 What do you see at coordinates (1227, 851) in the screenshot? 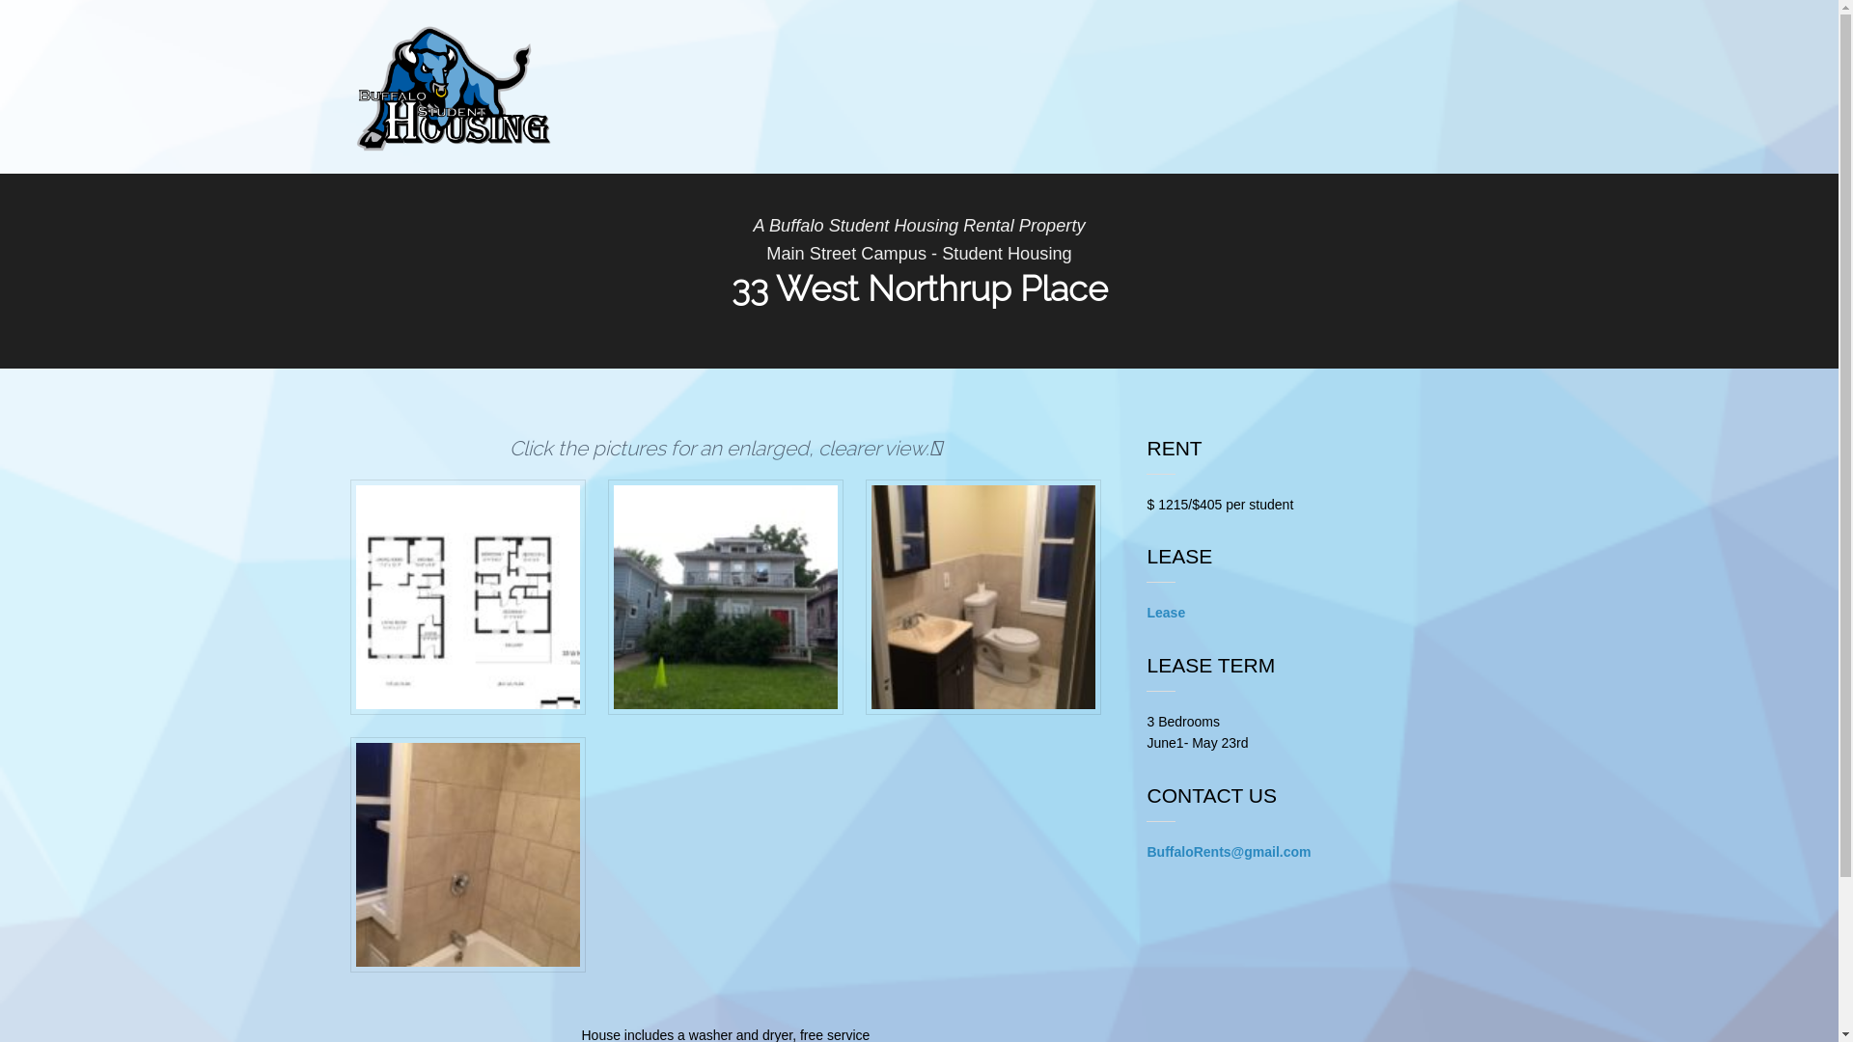
I see `'BuffaloRents@gmail.com'` at bounding box center [1227, 851].